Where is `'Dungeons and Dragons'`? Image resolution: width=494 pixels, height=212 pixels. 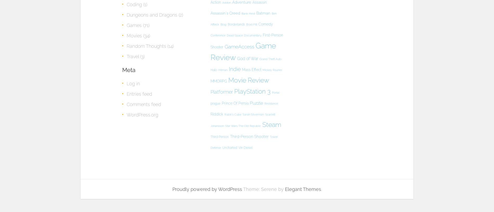 'Dungeons and Dragons' is located at coordinates (126, 15).